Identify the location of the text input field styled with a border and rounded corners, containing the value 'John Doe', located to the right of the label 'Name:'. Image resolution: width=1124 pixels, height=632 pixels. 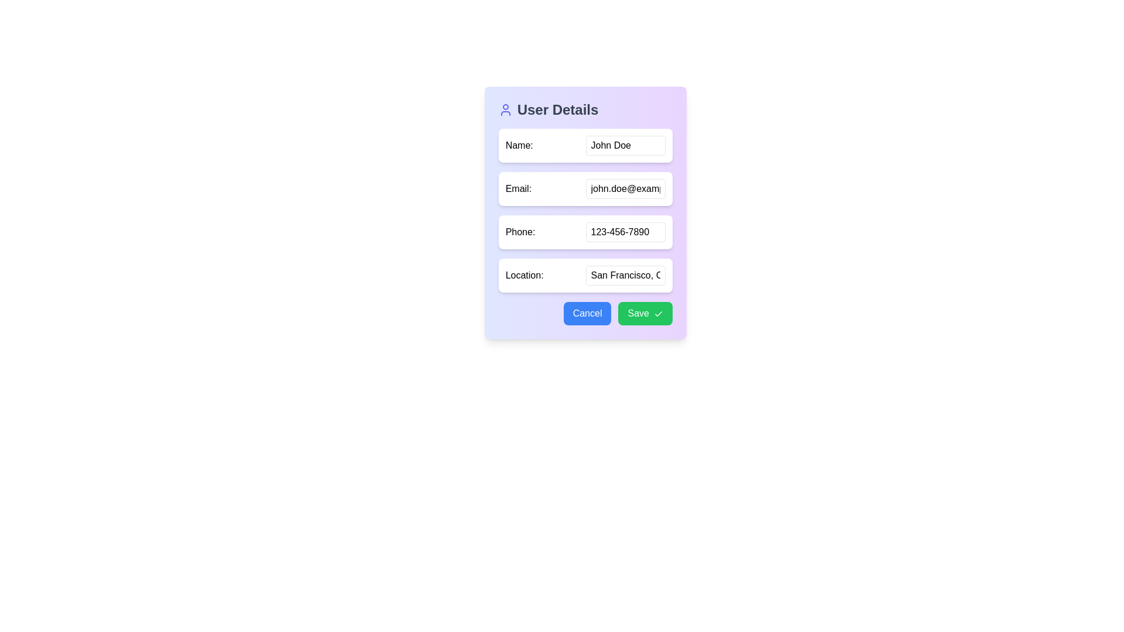
(625, 145).